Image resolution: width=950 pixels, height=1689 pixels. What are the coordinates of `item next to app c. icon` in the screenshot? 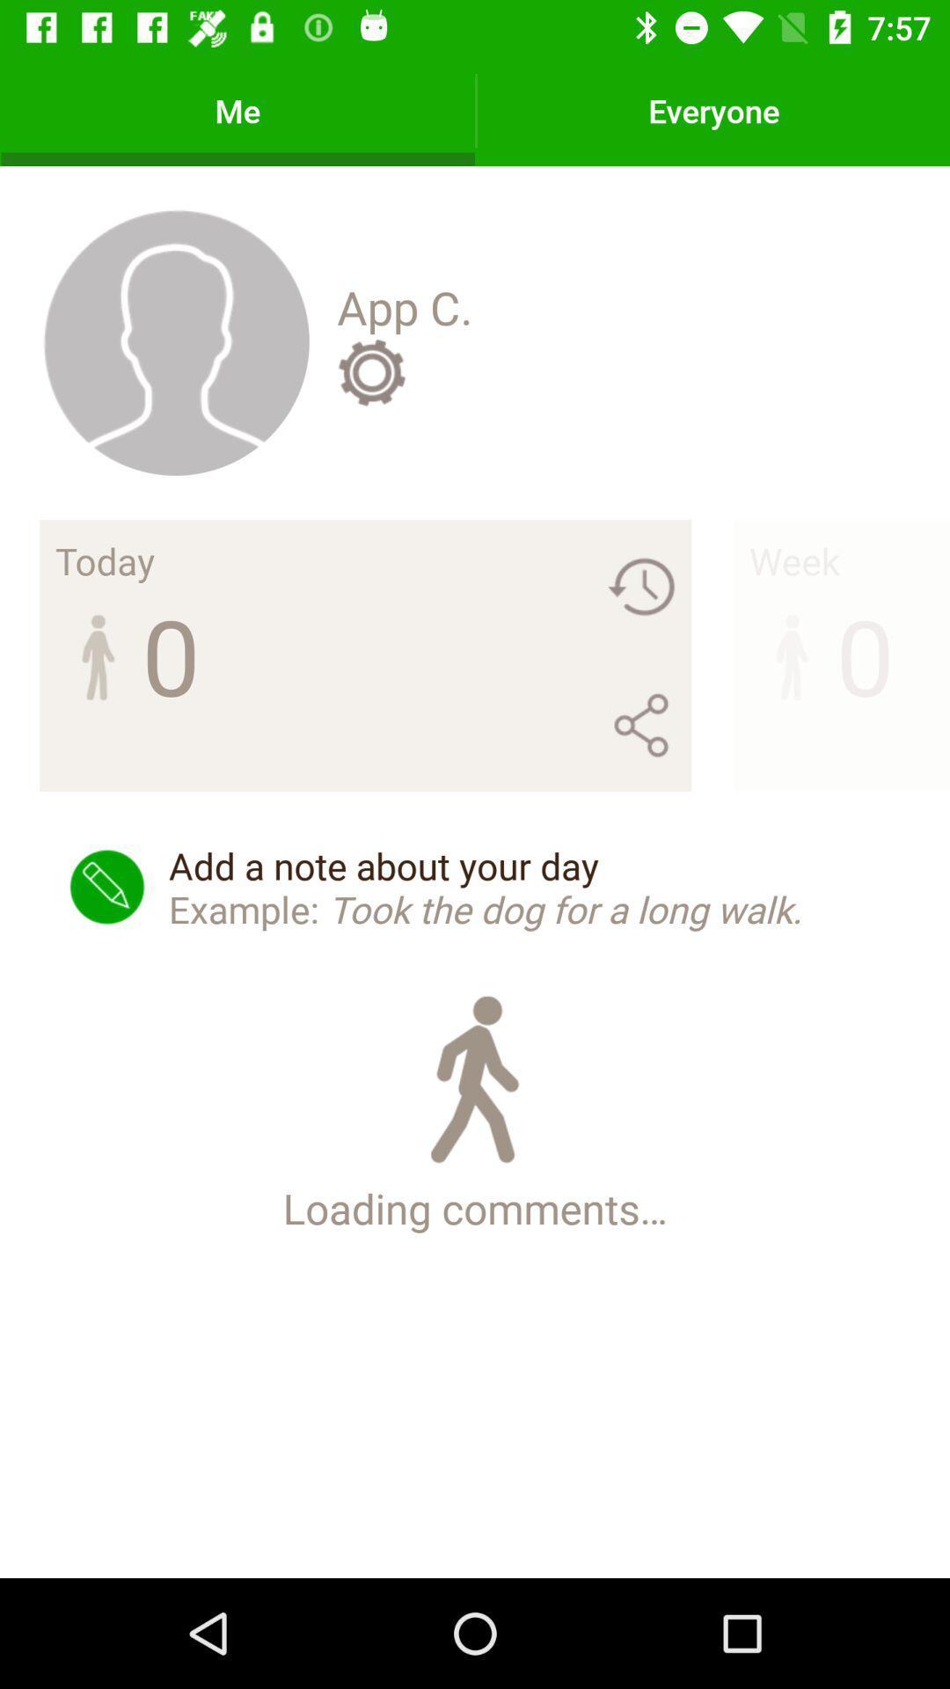 It's located at (175, 341).